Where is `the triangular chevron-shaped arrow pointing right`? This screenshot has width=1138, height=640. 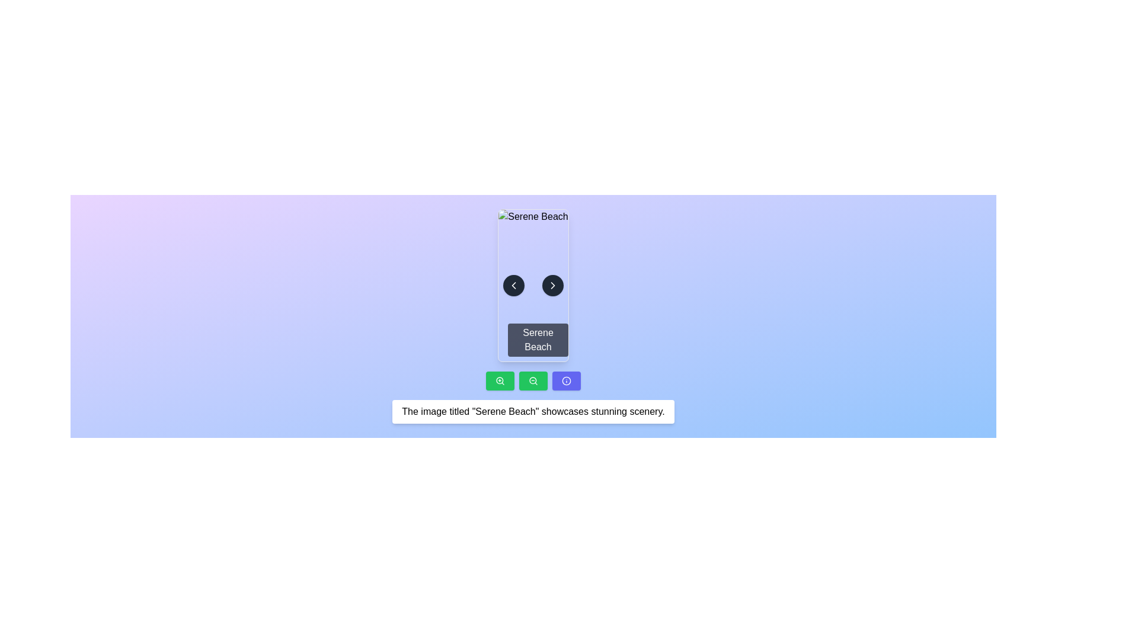
the triangular chevron-shaped arrow pointing right is located at coordinates (552, 286).